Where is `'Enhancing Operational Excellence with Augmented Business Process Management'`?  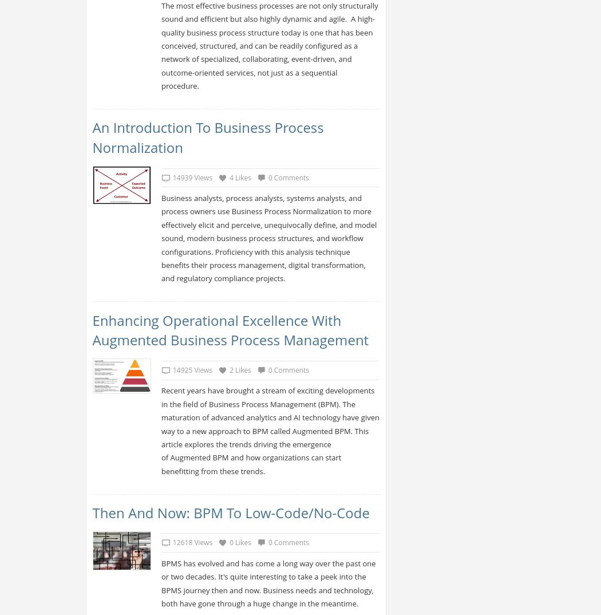
'Enhancing Operational Excellence with Augmented Business Process Management' is located at coordinates (230, 329).